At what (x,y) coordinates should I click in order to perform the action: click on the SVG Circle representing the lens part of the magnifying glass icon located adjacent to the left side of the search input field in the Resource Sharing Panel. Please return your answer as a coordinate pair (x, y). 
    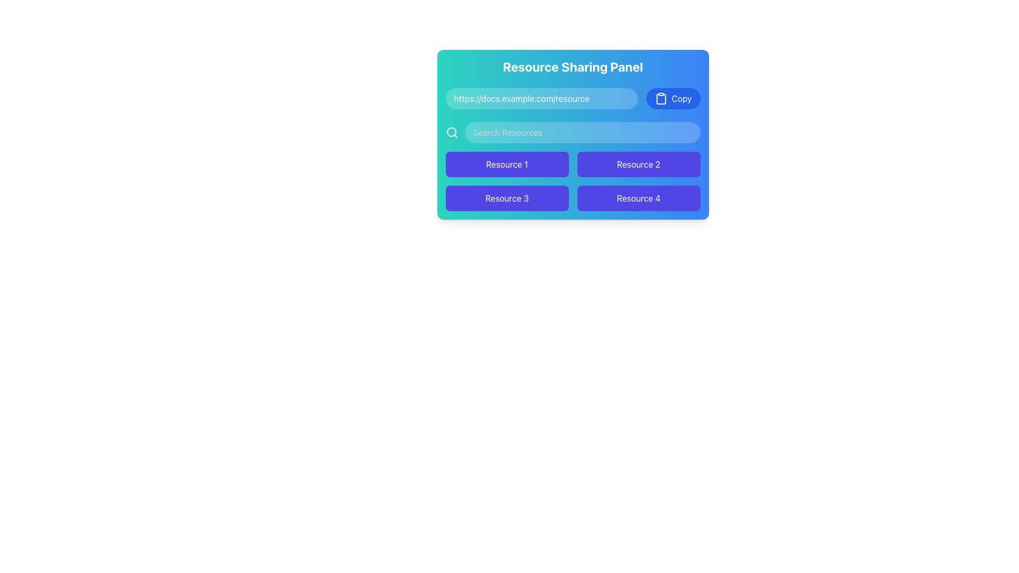
    Looking at the image, I should click on (451, 132).